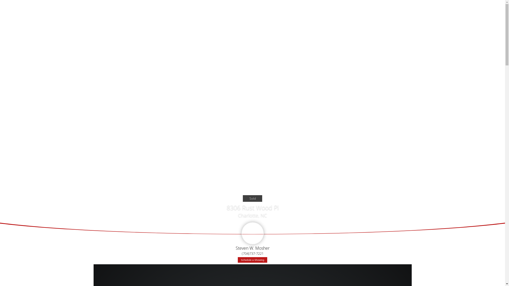  What do you see at coordinates (252, 260) in the screenshot?
I see `'Schedule a Showing'` at bounding box center [252, 260].